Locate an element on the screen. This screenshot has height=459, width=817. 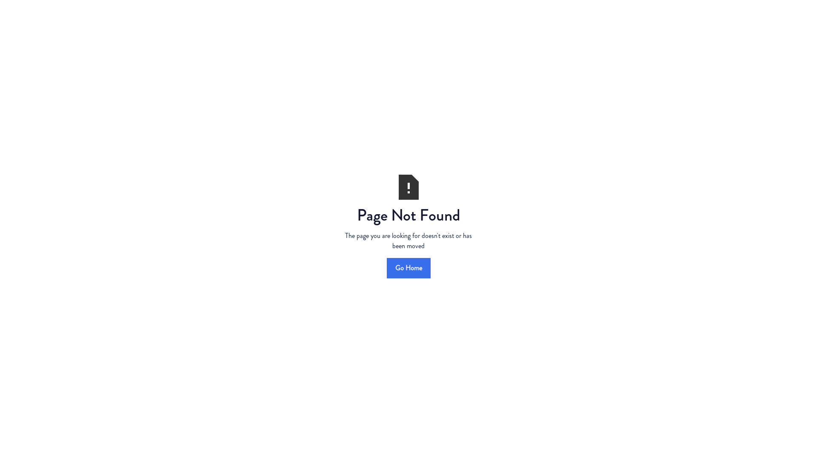
'Go Home' is located at coordinates (408, 267).